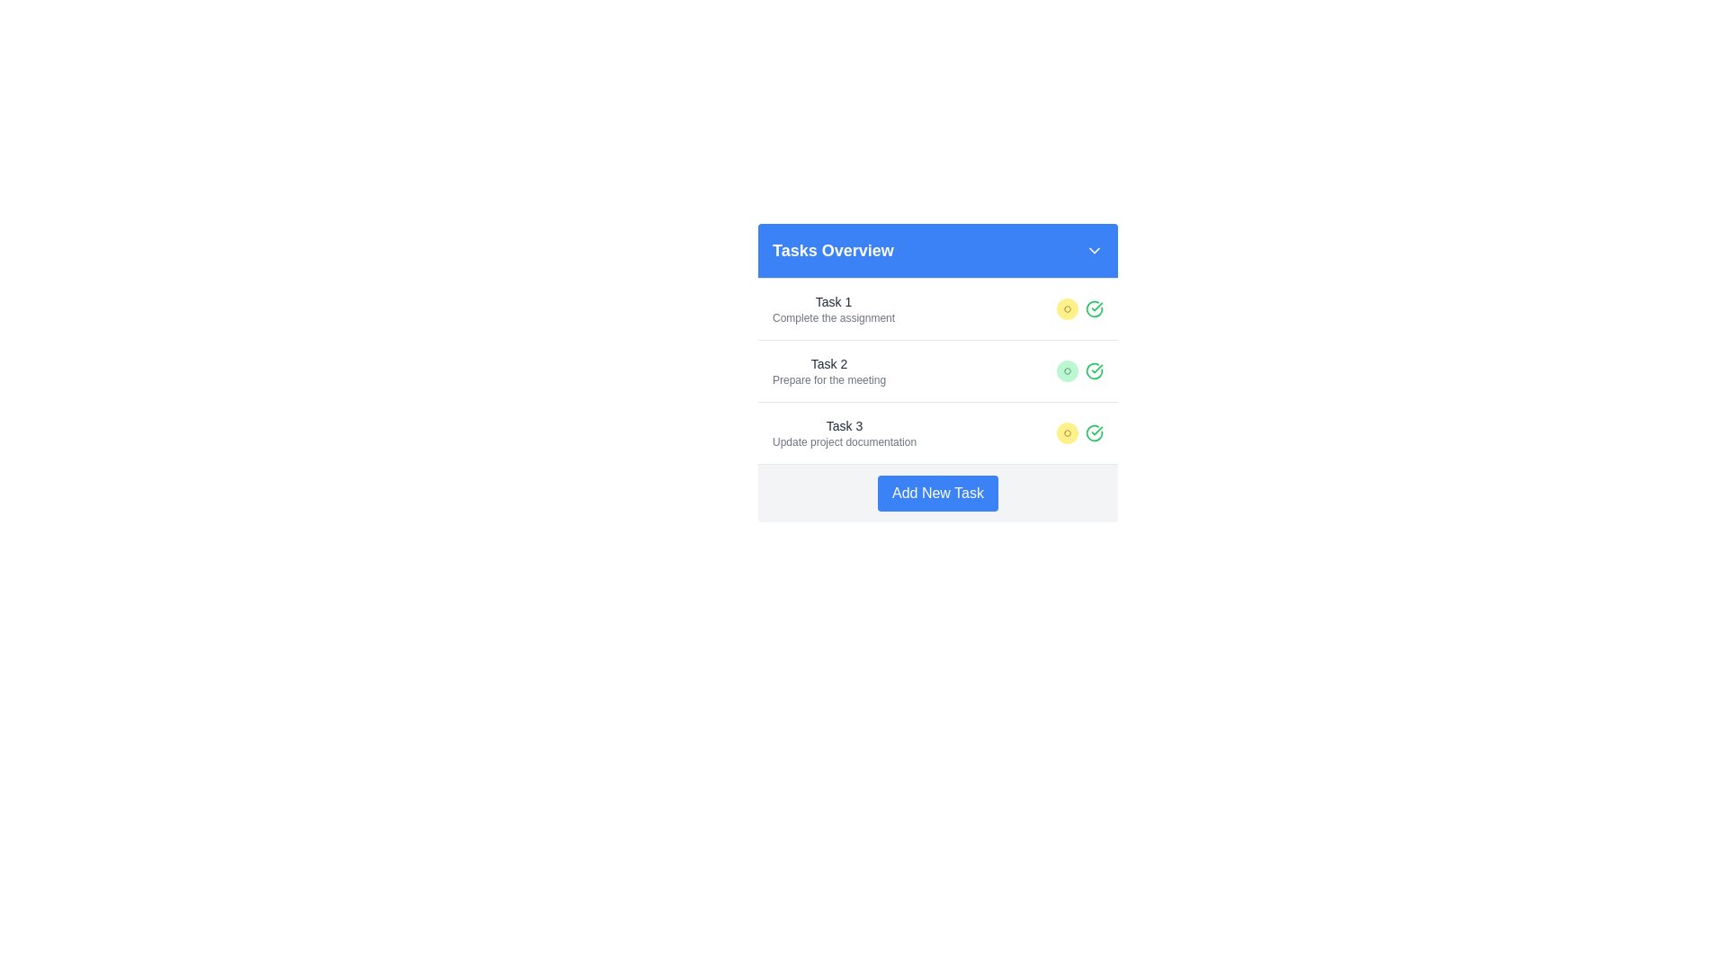 This screenshot has width=1727, height=971. Describe the element at coordinates (1094, 307) in the screenshot. I see `the circular icon with a green checkmark in its center, which is the third icon in the status marker section of 'Task 1.'` at that location.